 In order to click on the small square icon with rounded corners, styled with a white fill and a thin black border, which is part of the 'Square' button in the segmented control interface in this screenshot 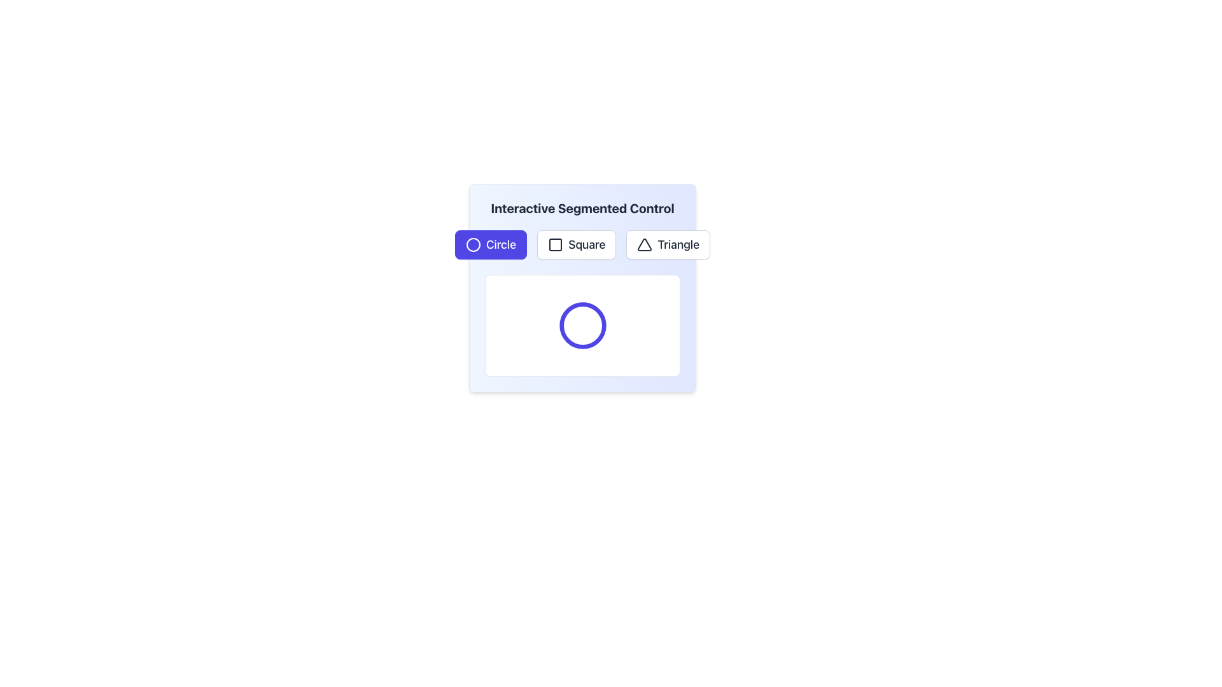, I will do `click(556, 245)`.